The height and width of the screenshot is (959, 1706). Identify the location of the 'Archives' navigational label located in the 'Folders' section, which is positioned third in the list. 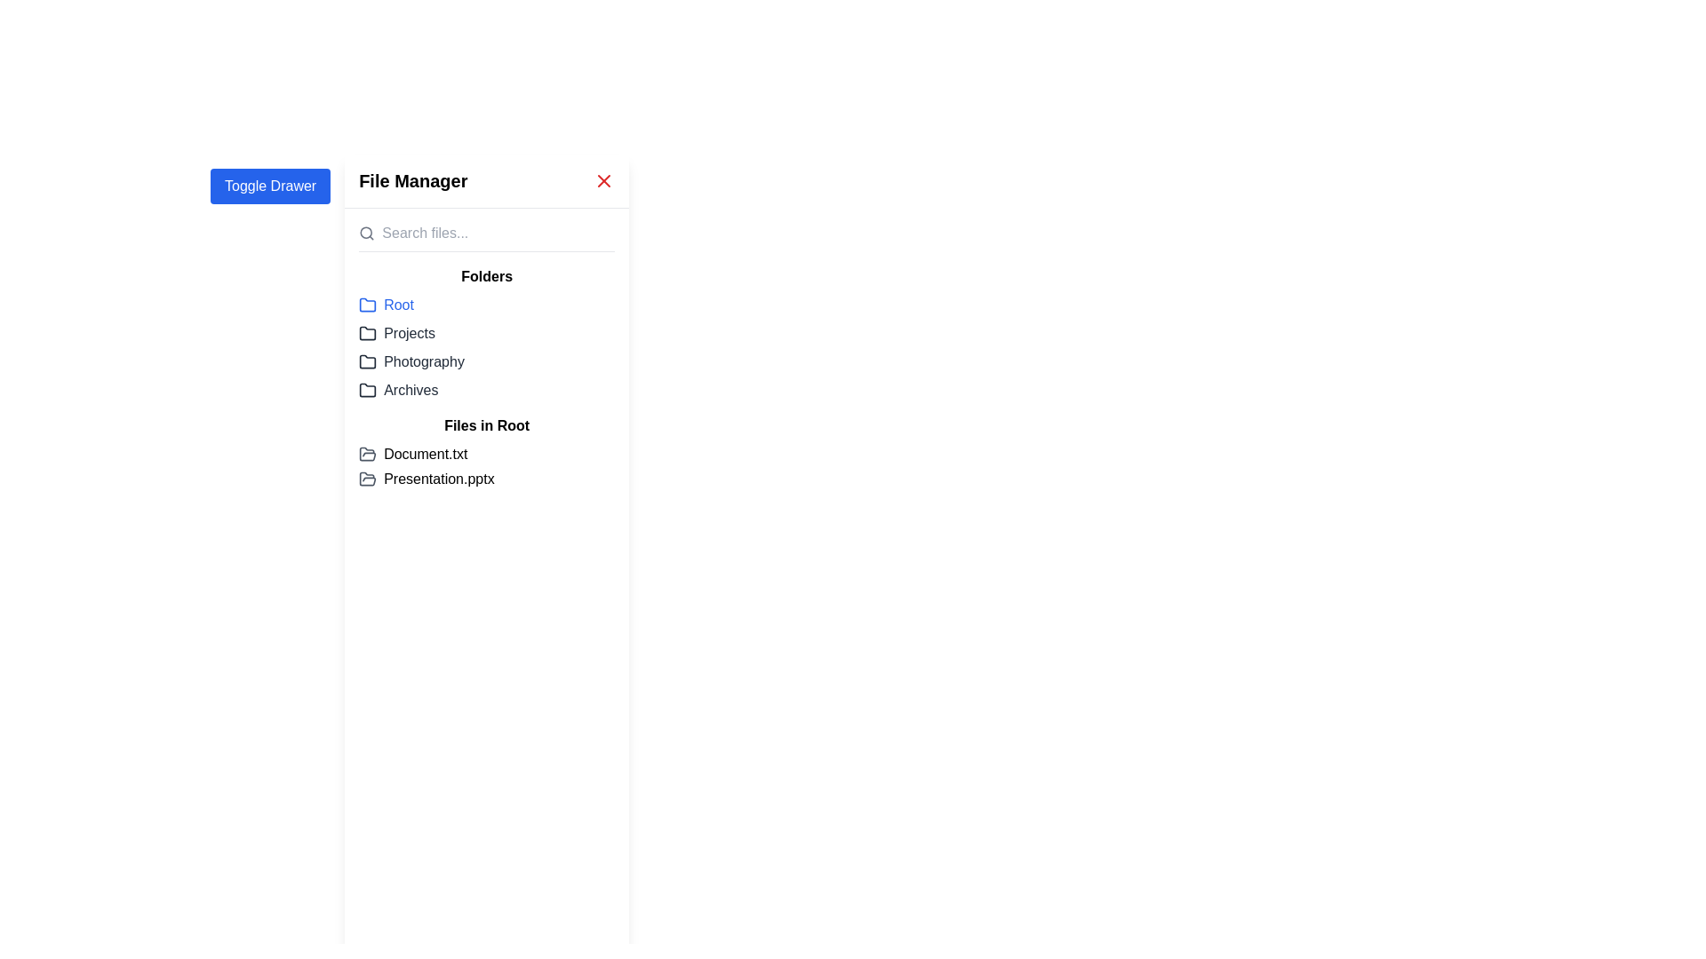
(410, 389).